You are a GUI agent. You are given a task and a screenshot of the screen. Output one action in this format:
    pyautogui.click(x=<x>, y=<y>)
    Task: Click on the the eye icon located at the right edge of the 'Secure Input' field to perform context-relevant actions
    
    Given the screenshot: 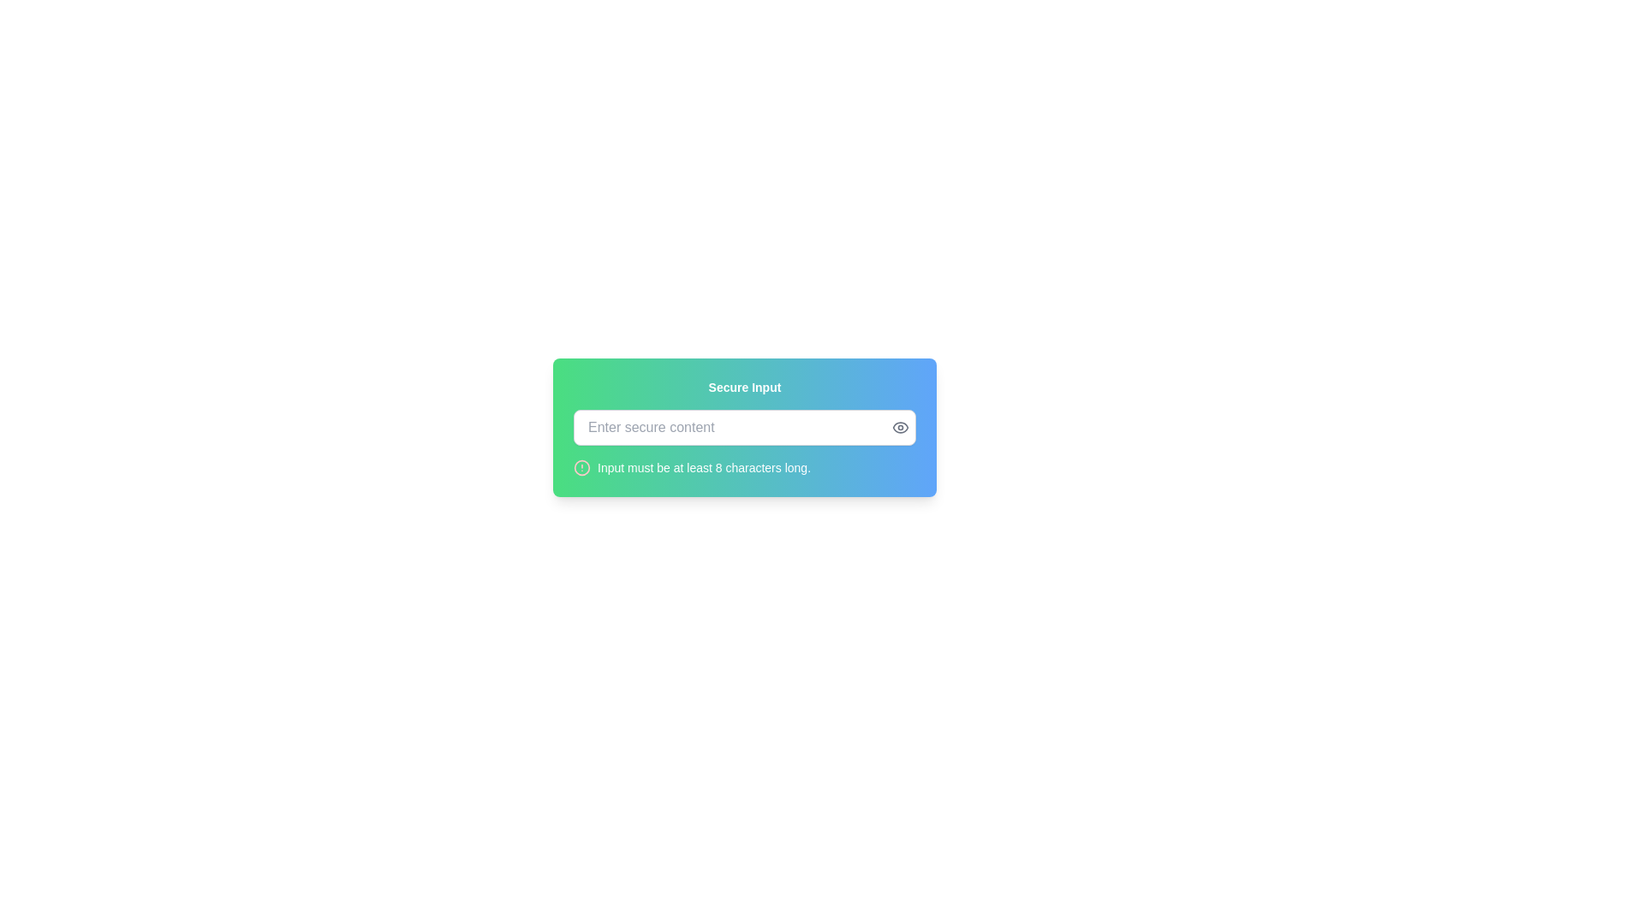 What is the action you would take?
    pyautogui.click(x=899, y=427)
    